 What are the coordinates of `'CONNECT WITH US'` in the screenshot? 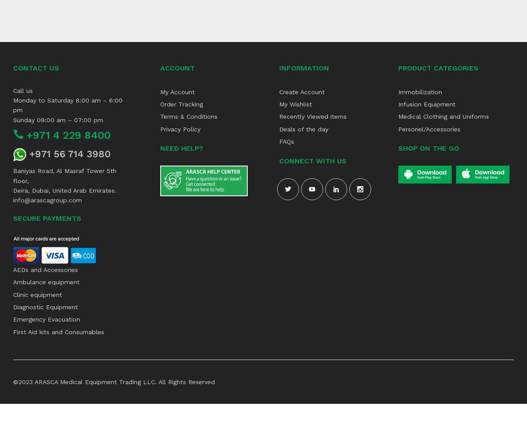 It's located at (279, 160).